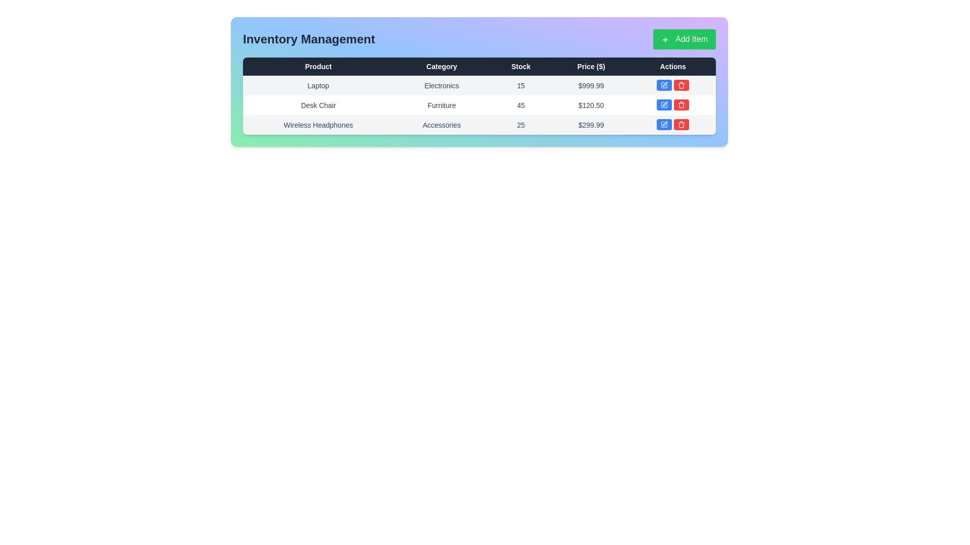 Image resolution: width=970 pixels, height=545 pixels. Describe the element at coordinates (318, 105) in the screenshot. I see `the non-interactive Text label displaying the name of the product in the first cell of the second data row under the 'Product' column` at that location.